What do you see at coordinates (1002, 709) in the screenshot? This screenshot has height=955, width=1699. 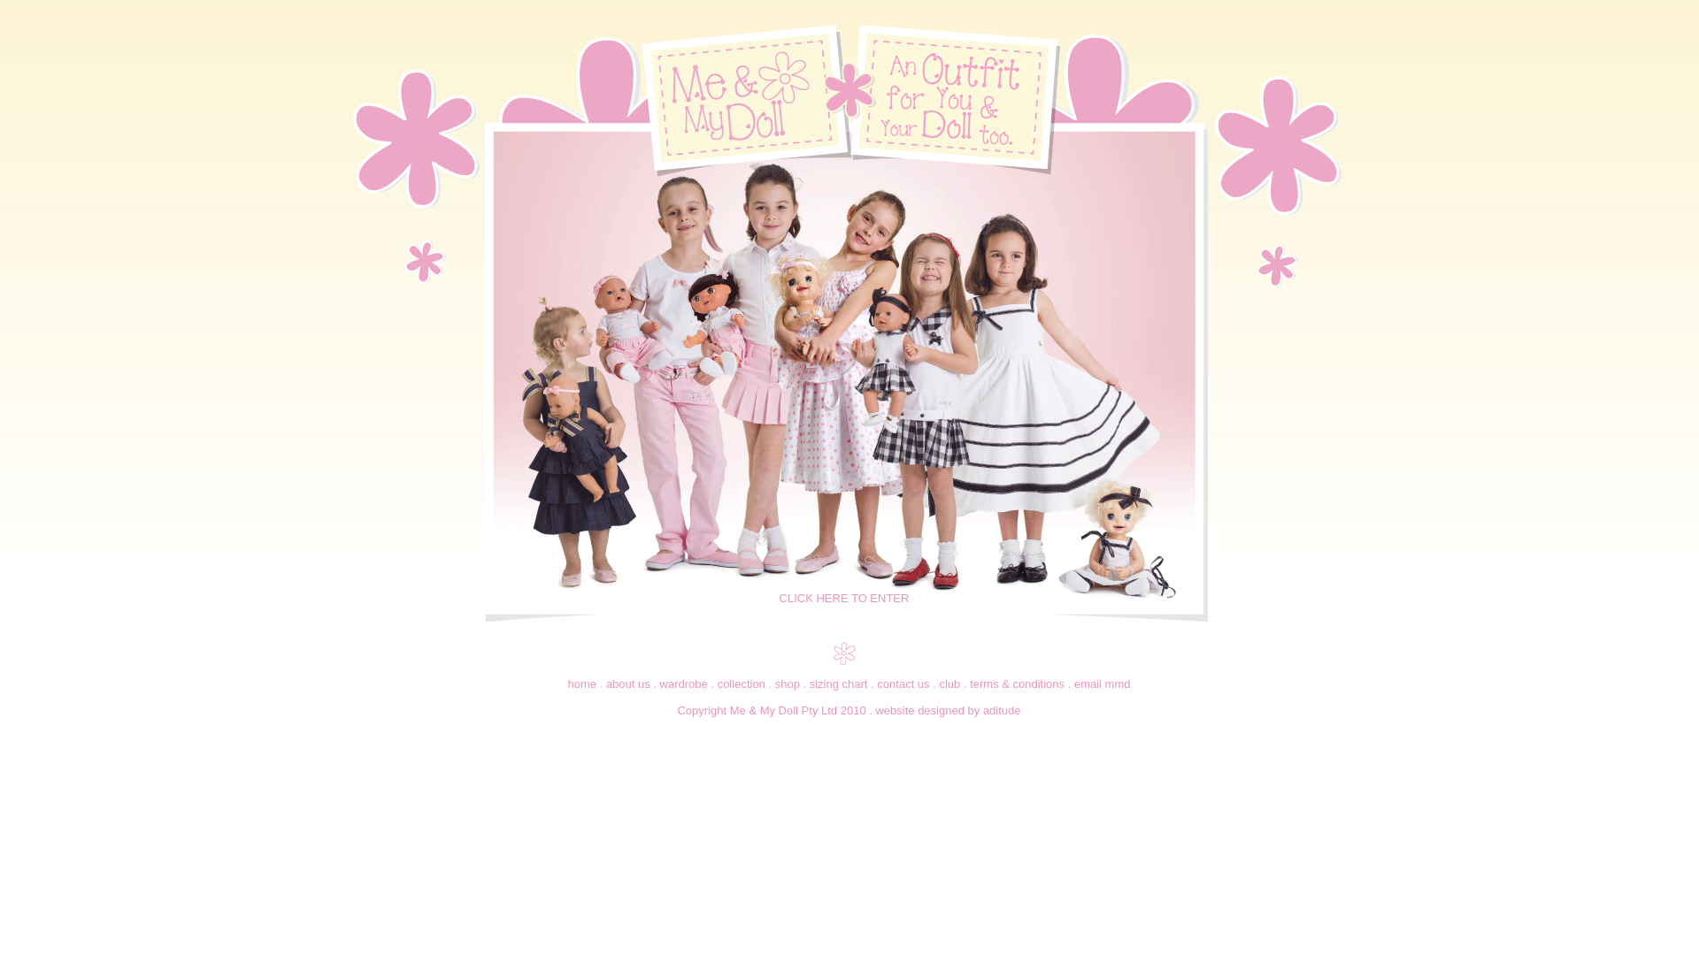 I see `'aditude'` at bounding box center [1002, 709].